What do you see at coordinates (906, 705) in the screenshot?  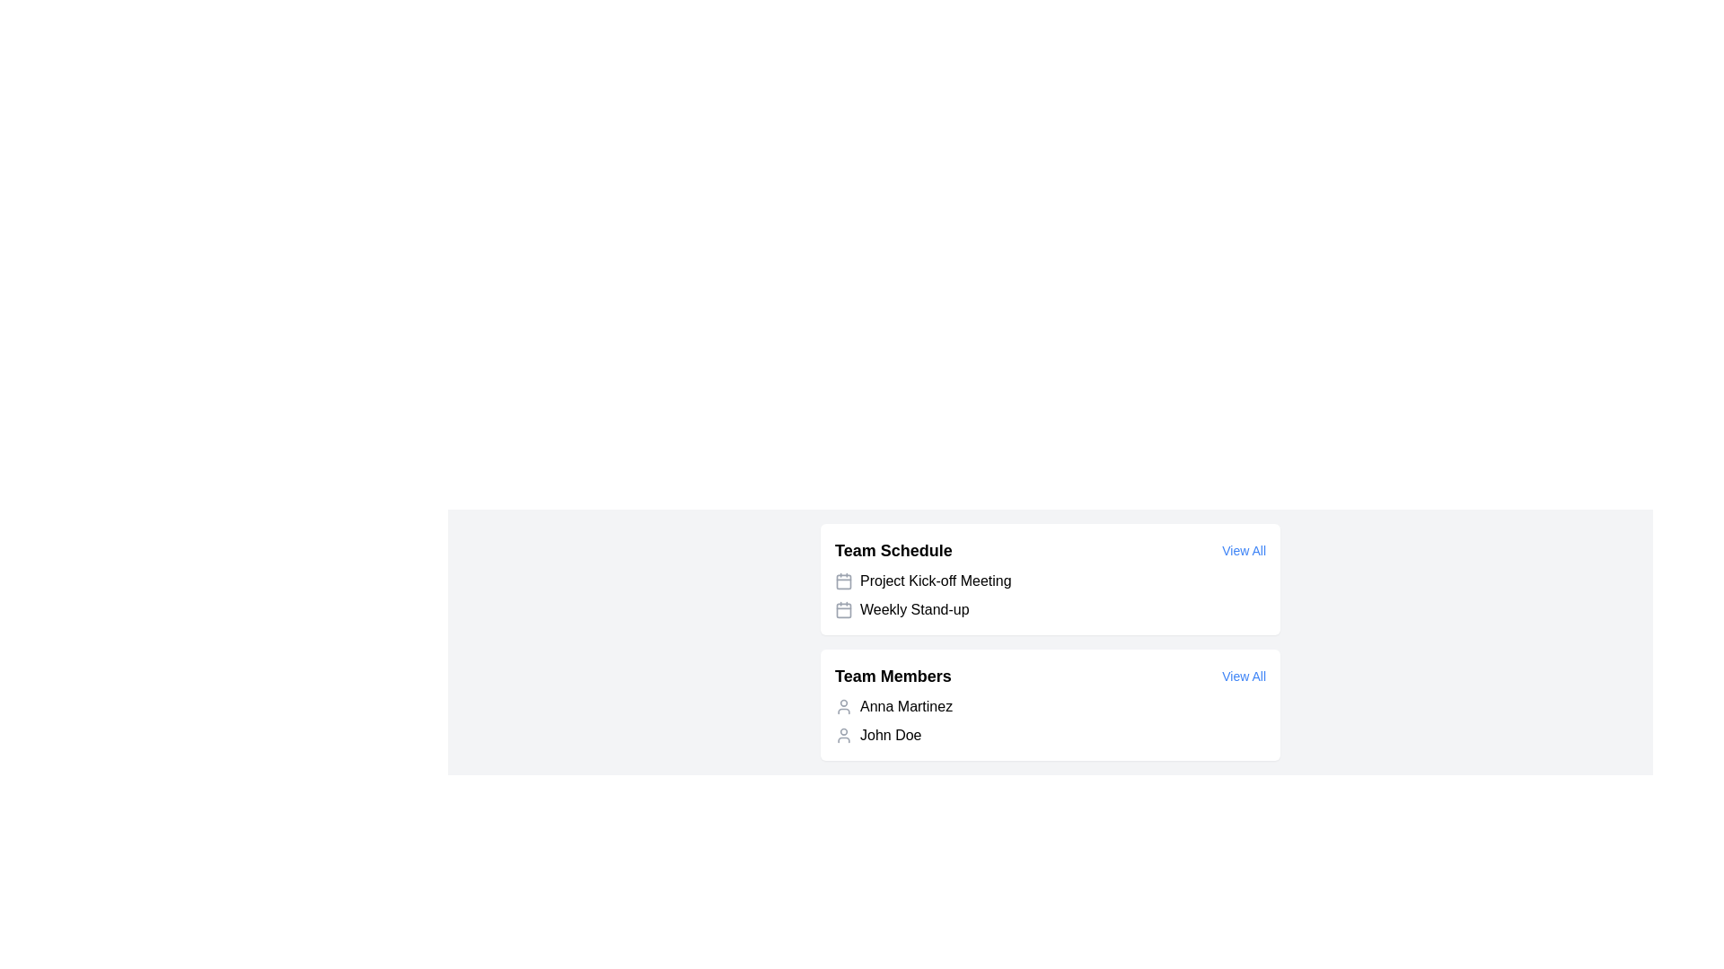 I see `the text label displaying 'Anna Martinez' in black font, located in the 'Team Members' section of the UI` at bounding box center [906, 705].